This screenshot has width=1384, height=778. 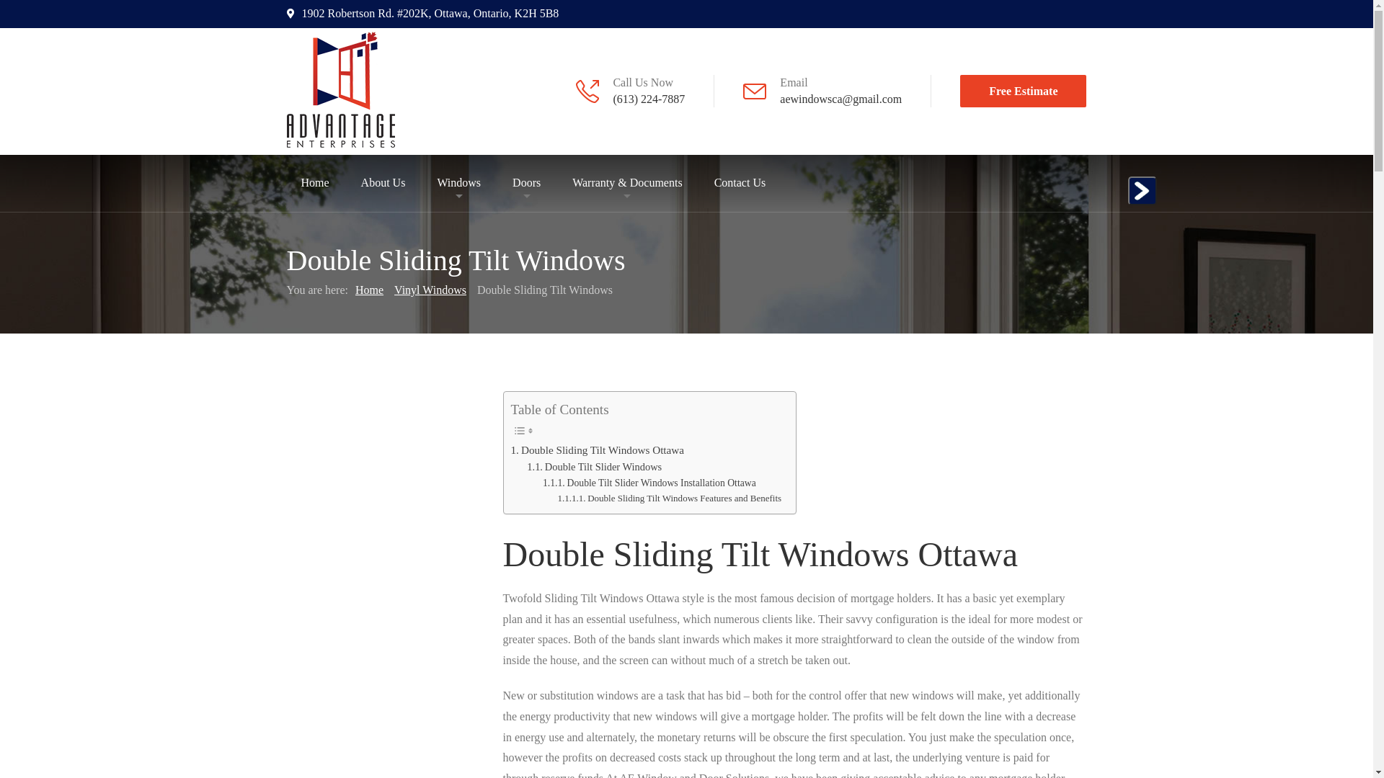 I want to click on 'Windows', so click(x=458, y=182).